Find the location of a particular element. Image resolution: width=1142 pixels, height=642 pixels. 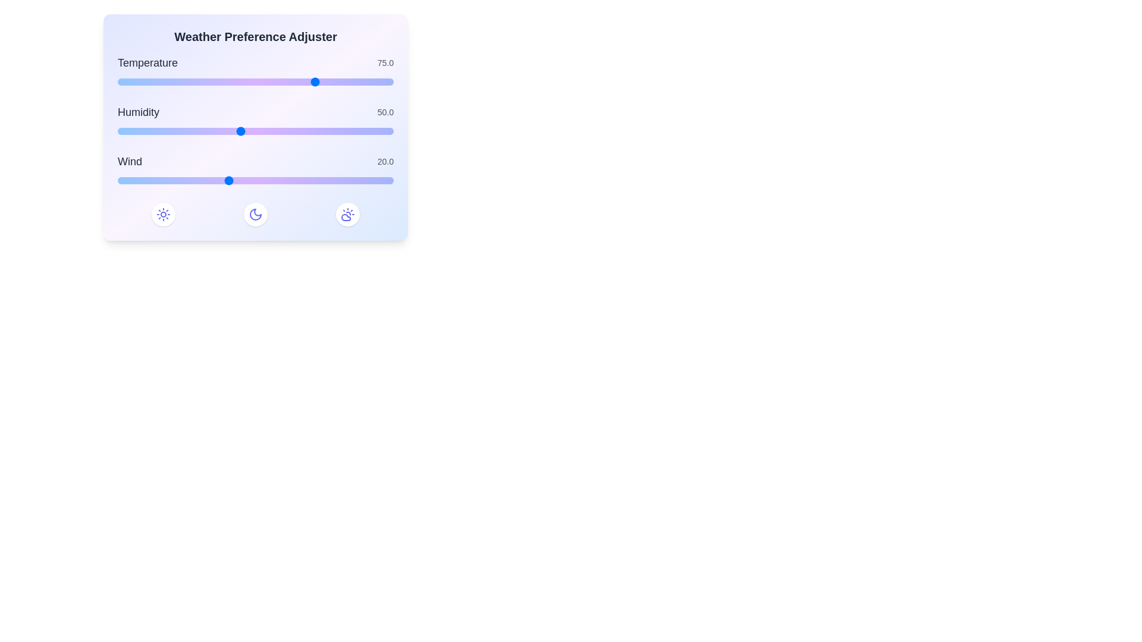

the crescent moon-shaped graphical icon in the bottom right of the 'Weather Preference Adjuster' panel is located at coordinates (255, 215).